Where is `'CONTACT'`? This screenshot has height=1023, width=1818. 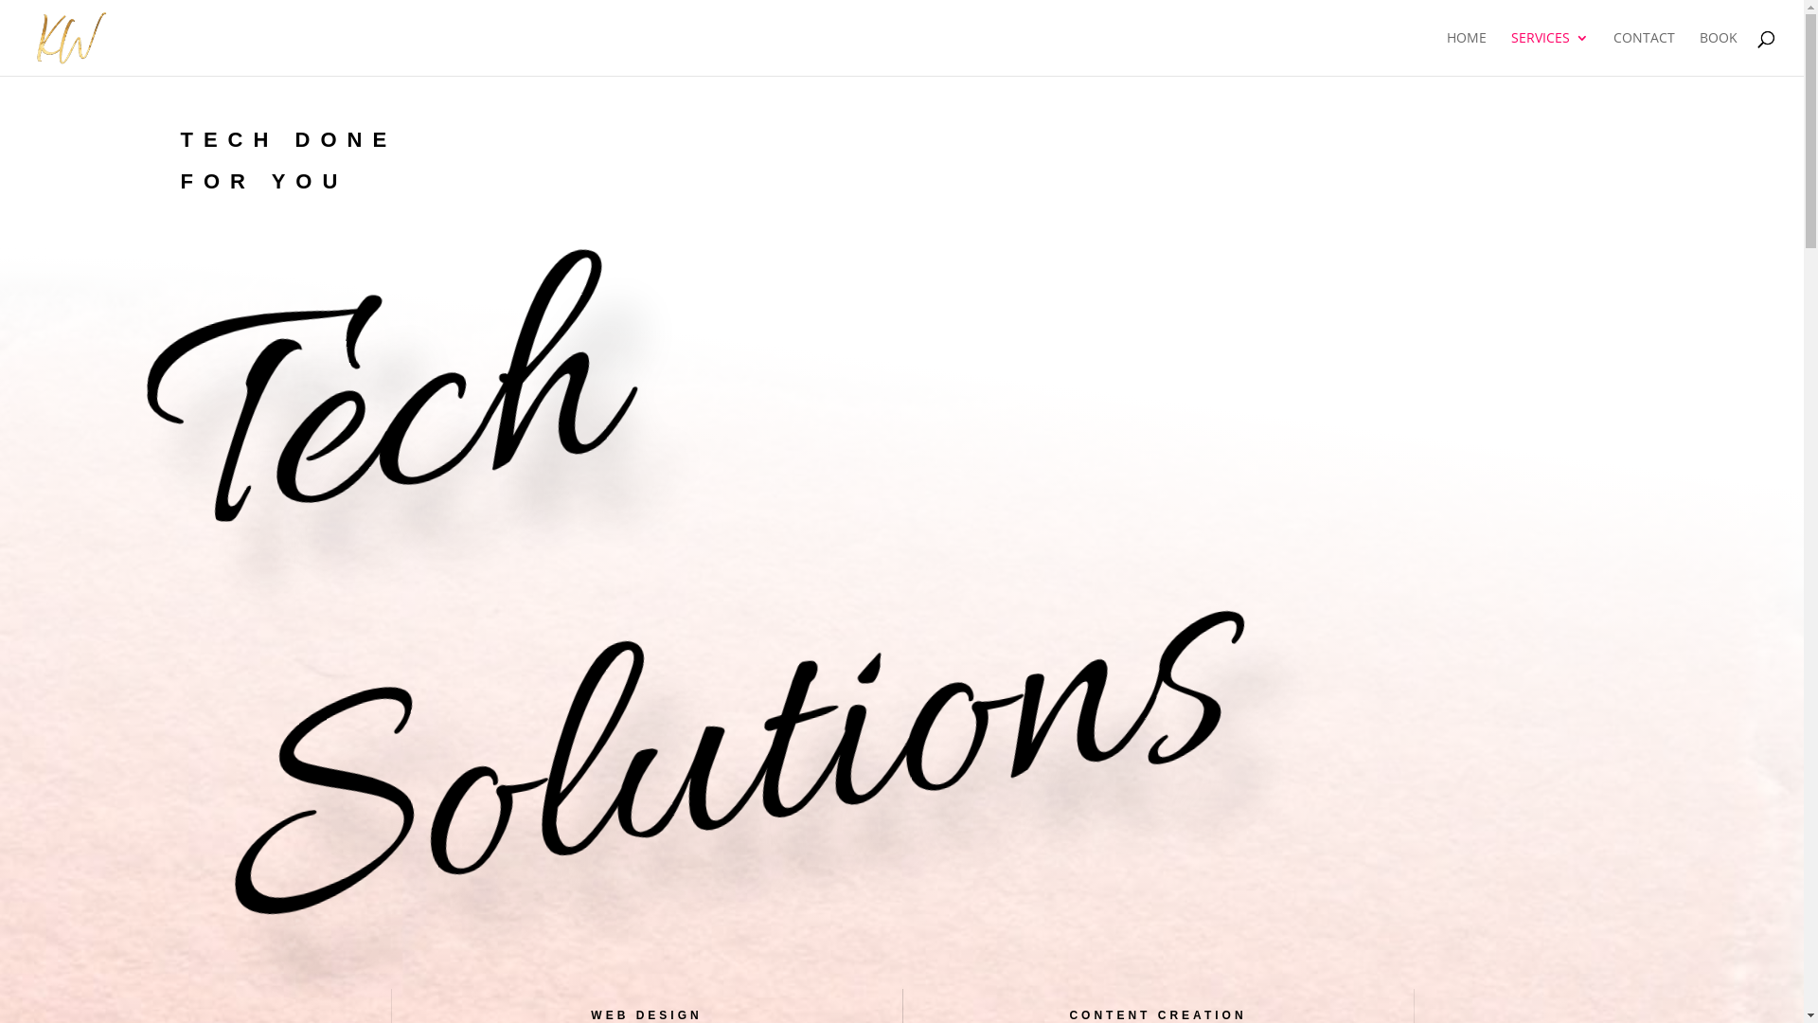 'CONTACT' is located at coordinates (1613, 52).